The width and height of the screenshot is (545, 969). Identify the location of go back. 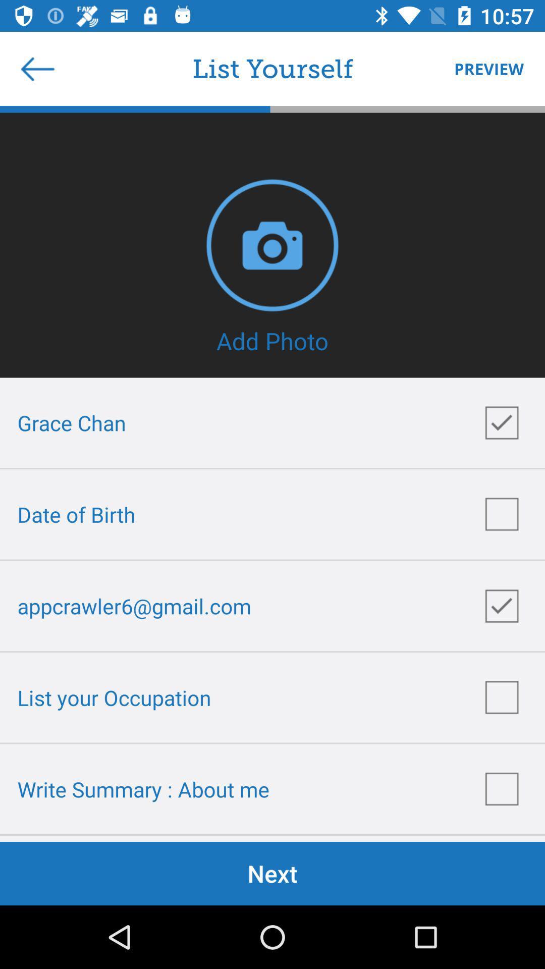
(37, 68).